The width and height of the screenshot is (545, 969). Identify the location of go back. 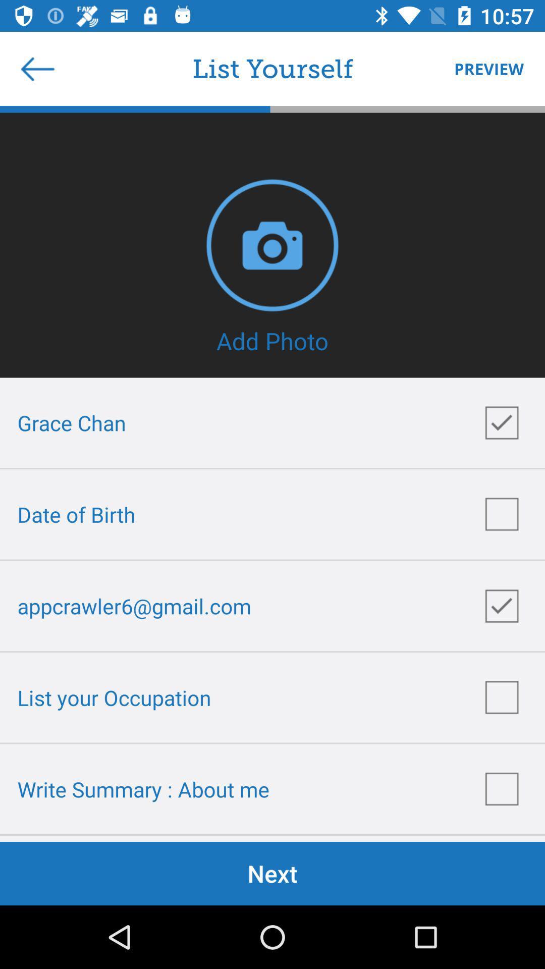
(37, 68).